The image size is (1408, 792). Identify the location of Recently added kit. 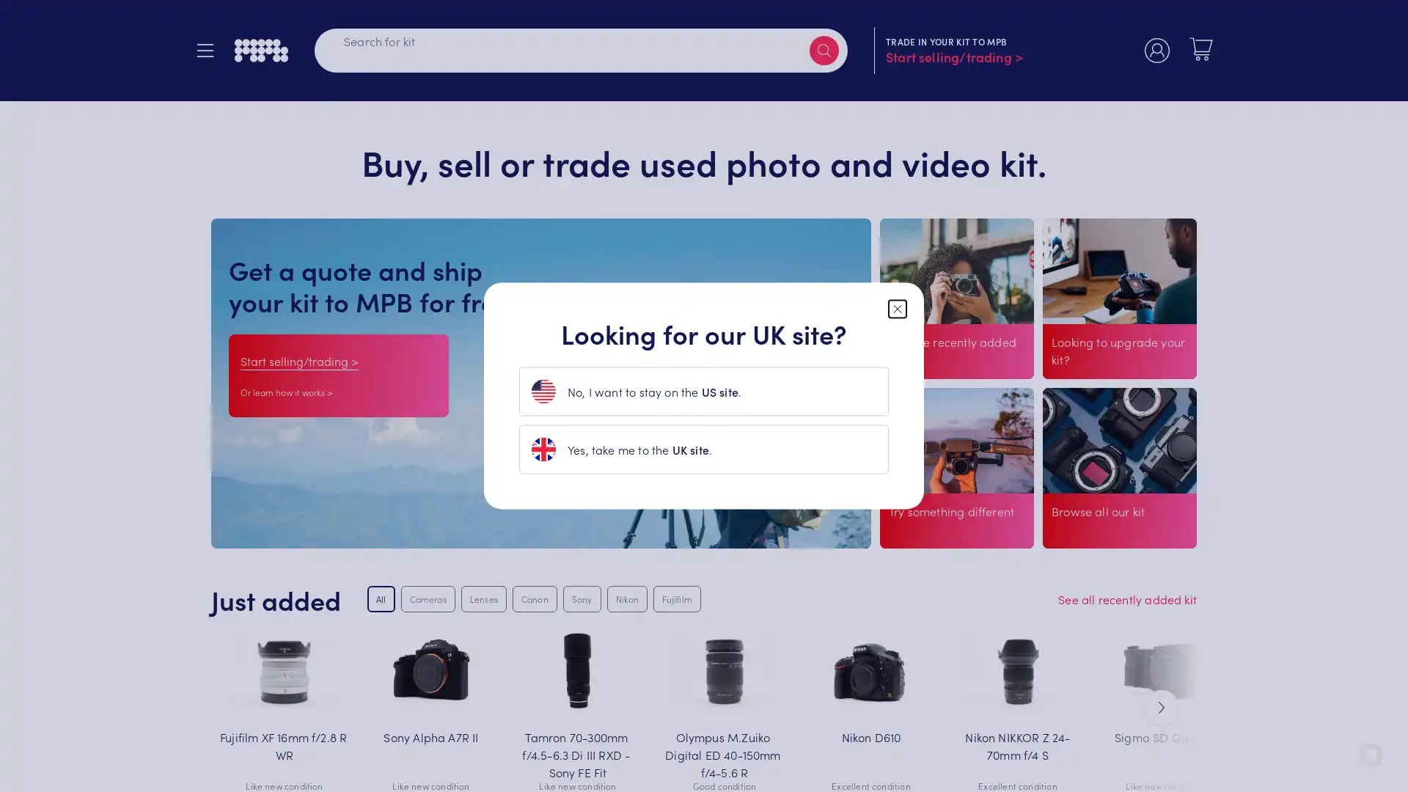
(937, 381).